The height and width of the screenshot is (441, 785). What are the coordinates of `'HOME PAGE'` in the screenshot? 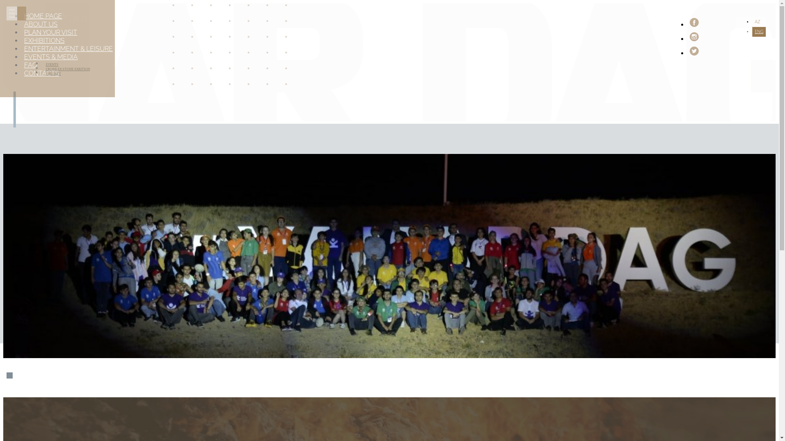 It's located at (43, 16).